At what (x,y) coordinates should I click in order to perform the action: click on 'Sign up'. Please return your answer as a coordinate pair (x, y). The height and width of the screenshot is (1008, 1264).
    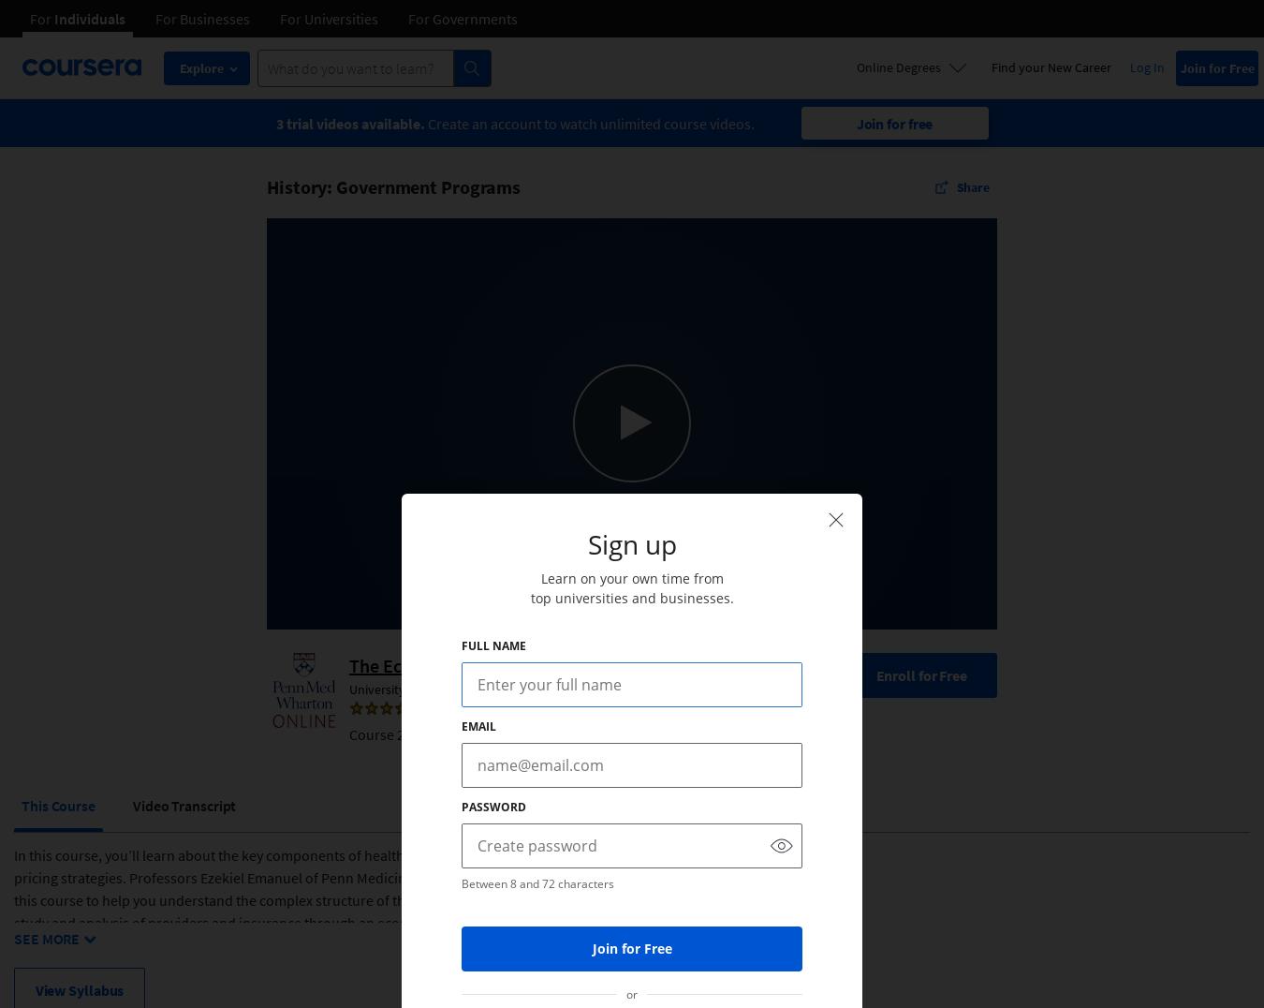
    Looking at the image, I should click on (631, 543).